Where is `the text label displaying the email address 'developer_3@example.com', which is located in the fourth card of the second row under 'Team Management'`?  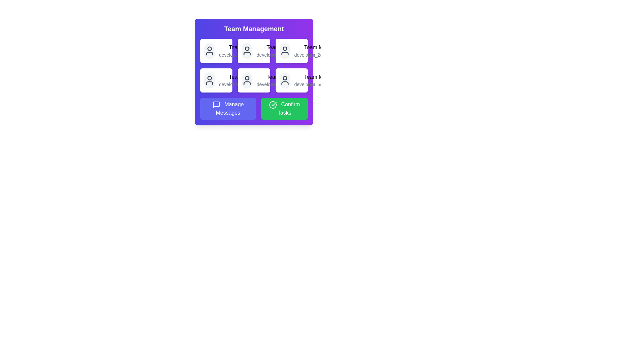
the text label displaying the email address 'developer_3@example.com', which is located in the fourth card of the second row under 'Team Management' is located at coordinates (248, 84).